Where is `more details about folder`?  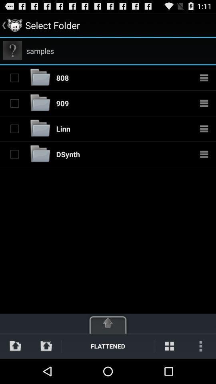 more details about folder is located at coordinates (204, 102).